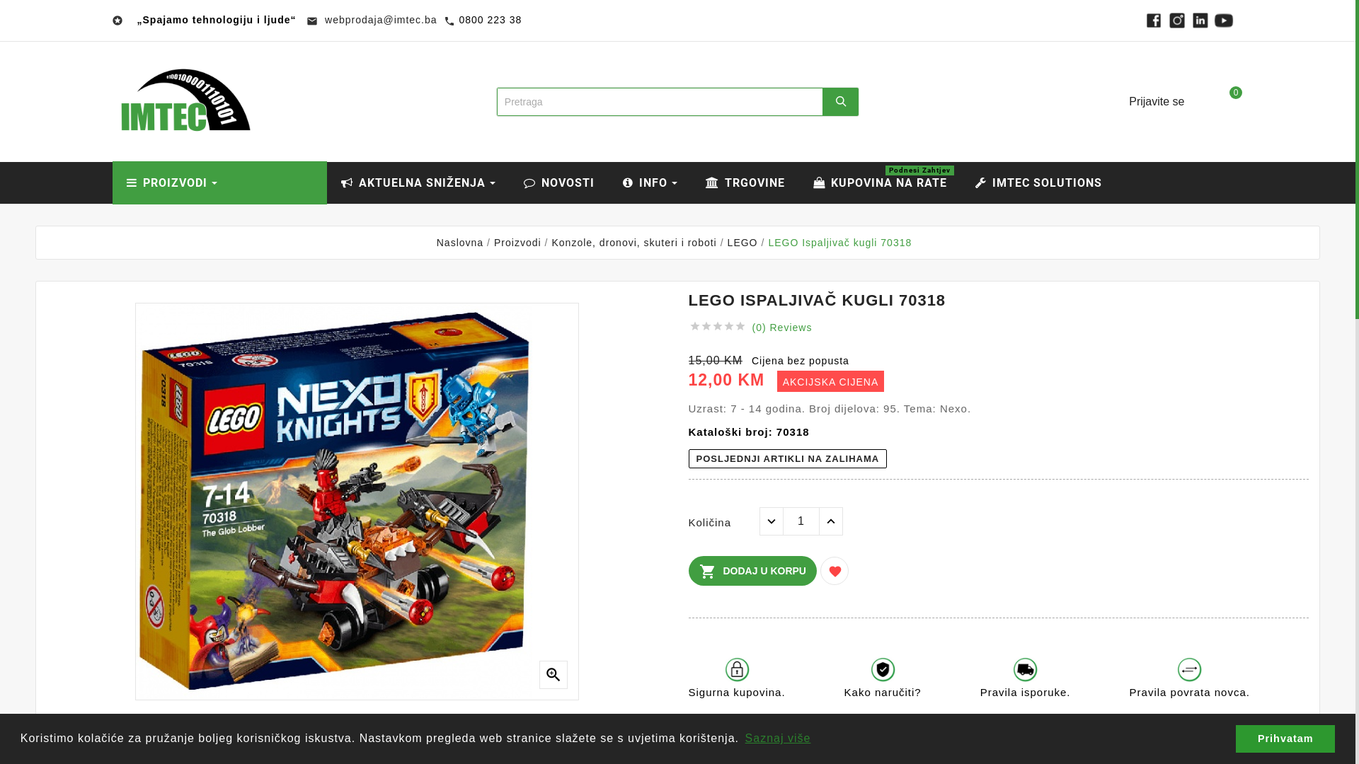 The height and width of the screenshot is (764, 1359). I want to click on 'webprodaja@imtec.ba', so click(379, 19).